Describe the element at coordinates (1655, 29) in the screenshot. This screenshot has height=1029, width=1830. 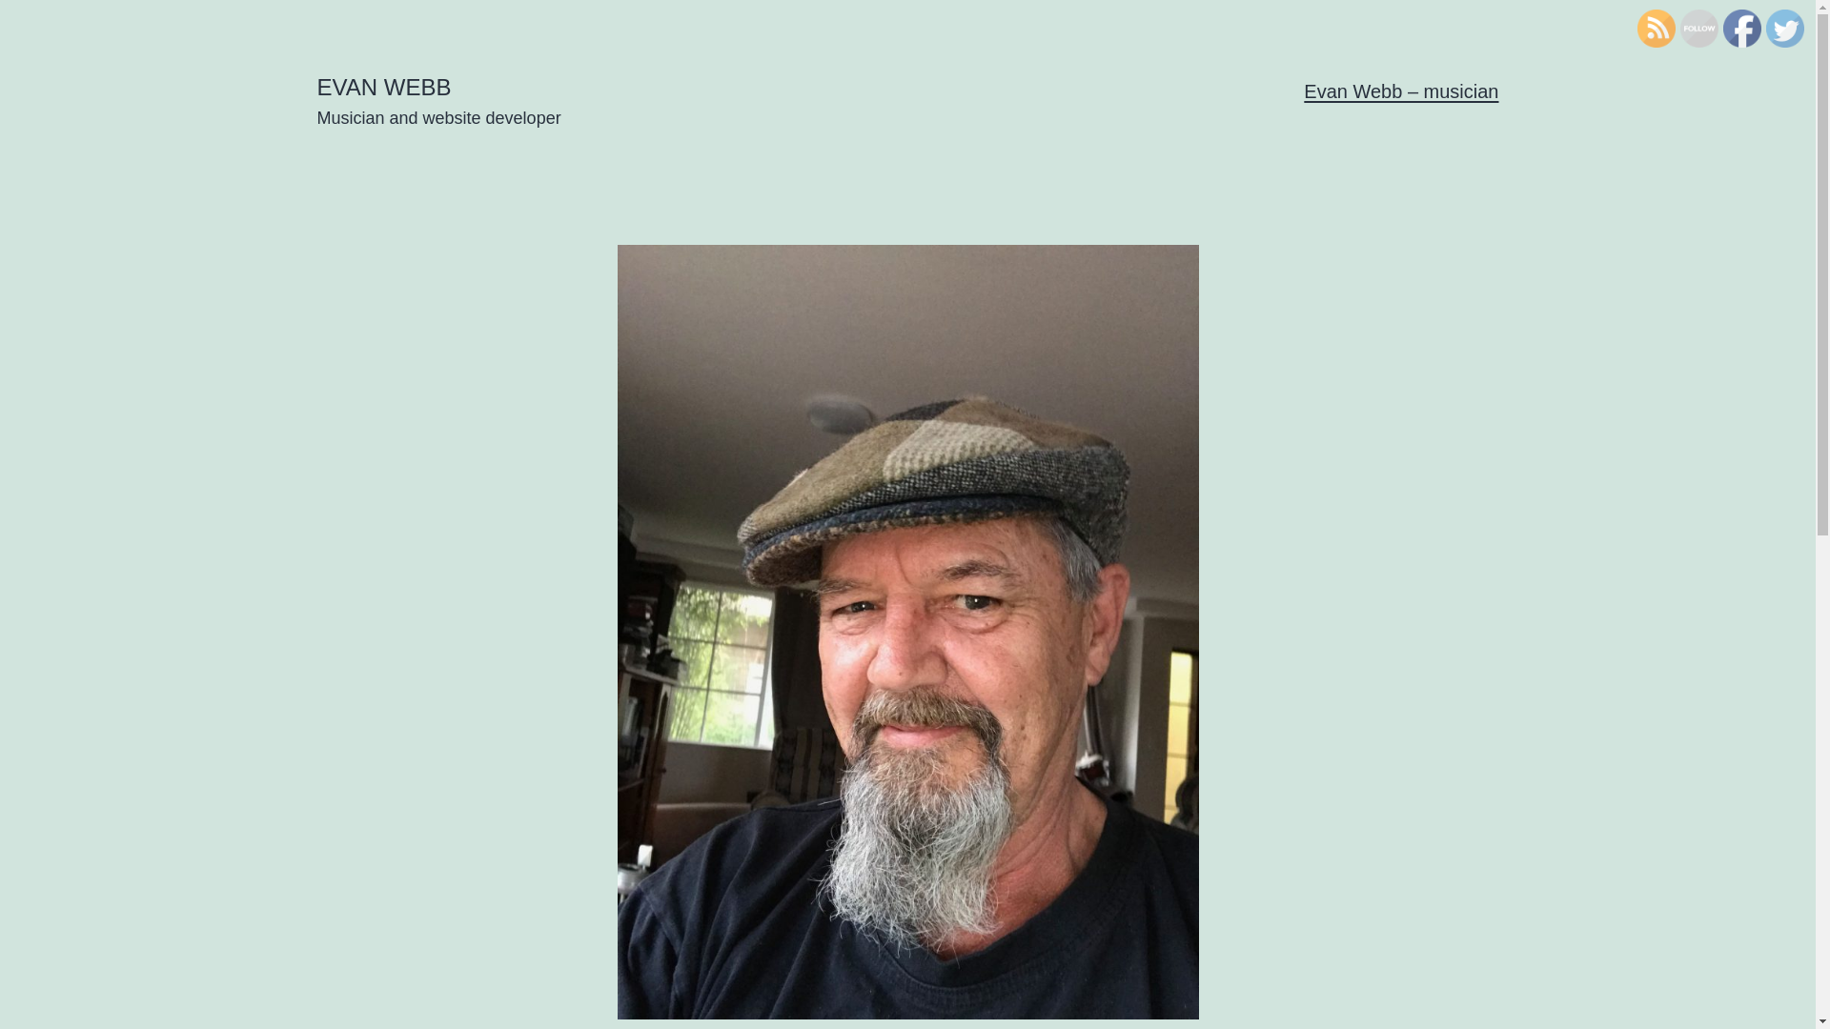
I see `'RSS'` at that location.